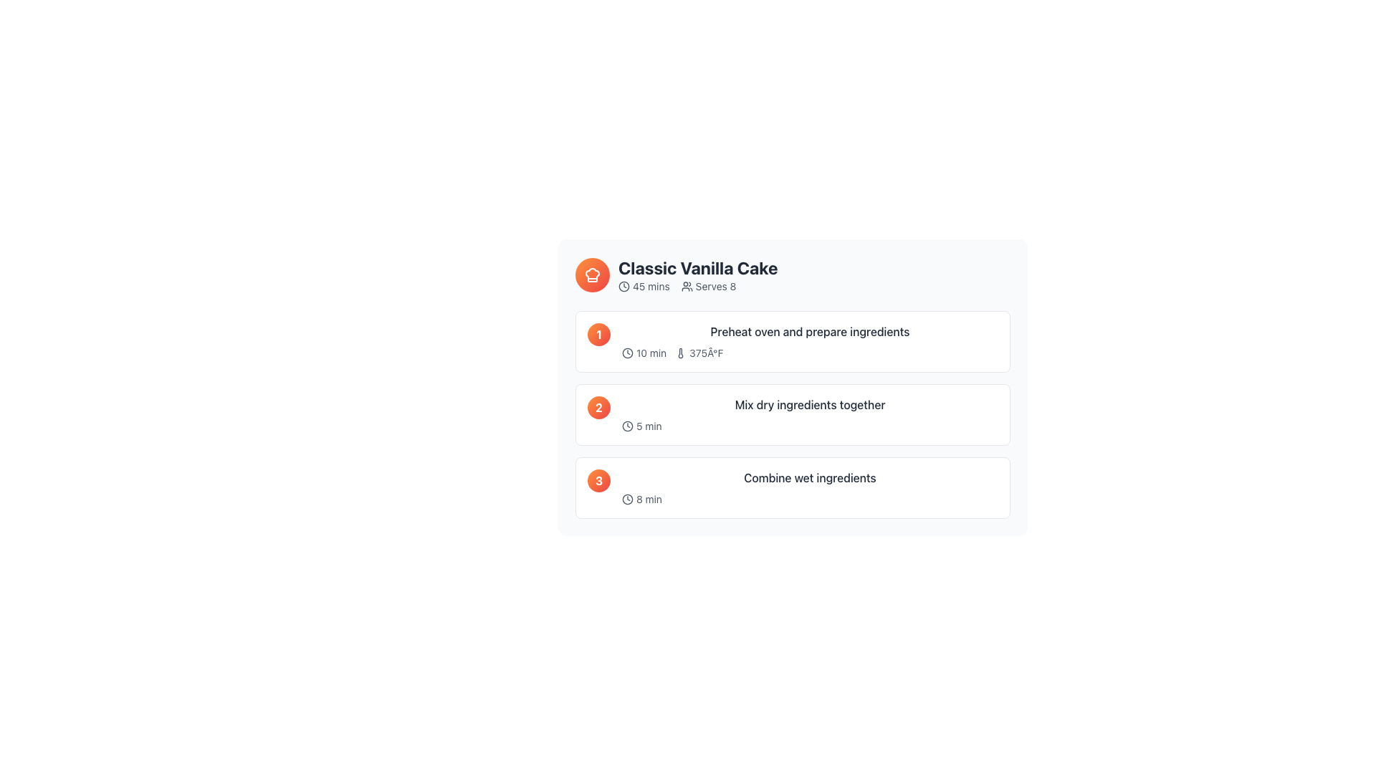 This screenshot has height=774, width=1376. What do you see at coordinates (627, 499) in the screenshot?
I see `the clock icon located next to the text '8 min' in the third row of the subsection labeled '3 Combine wet ingredients'` at bounding box center [627, 499].